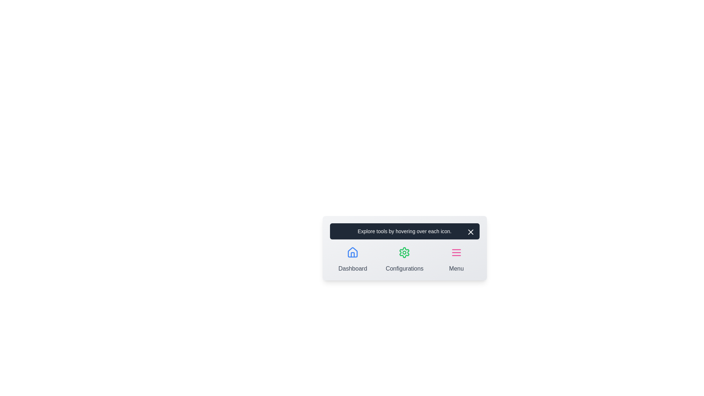  I want to click on the interactive selection element (icon with label) located between the 'Dashboard' and 'Menu' items, so click(404, 258).